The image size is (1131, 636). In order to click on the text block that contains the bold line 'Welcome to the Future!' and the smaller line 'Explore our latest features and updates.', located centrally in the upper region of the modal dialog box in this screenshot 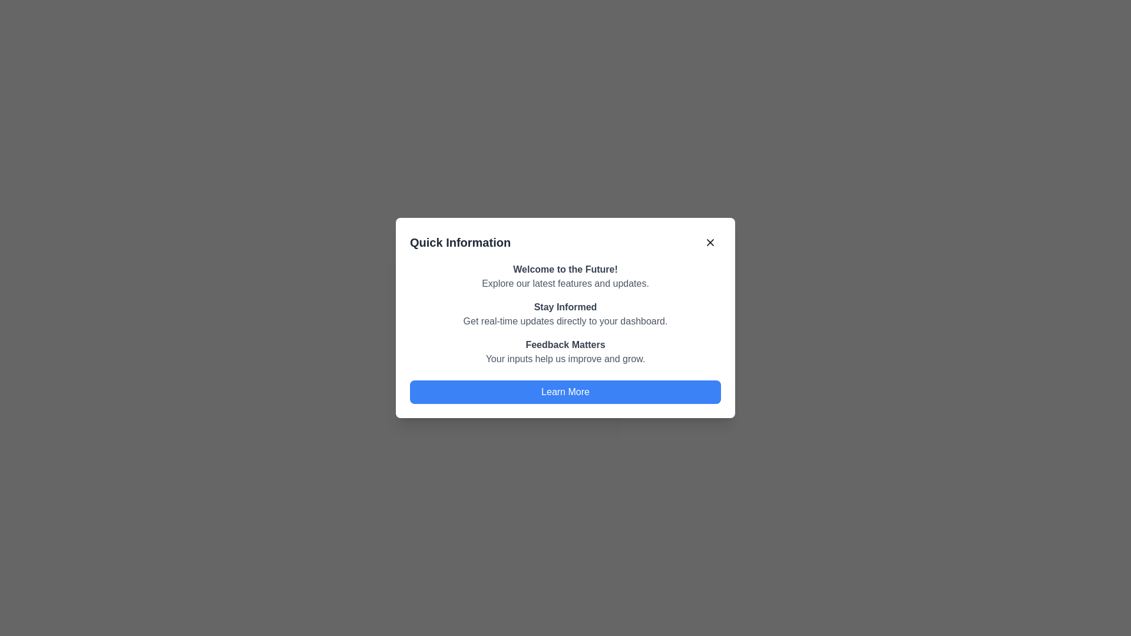, I will do `click(565, 277)`.